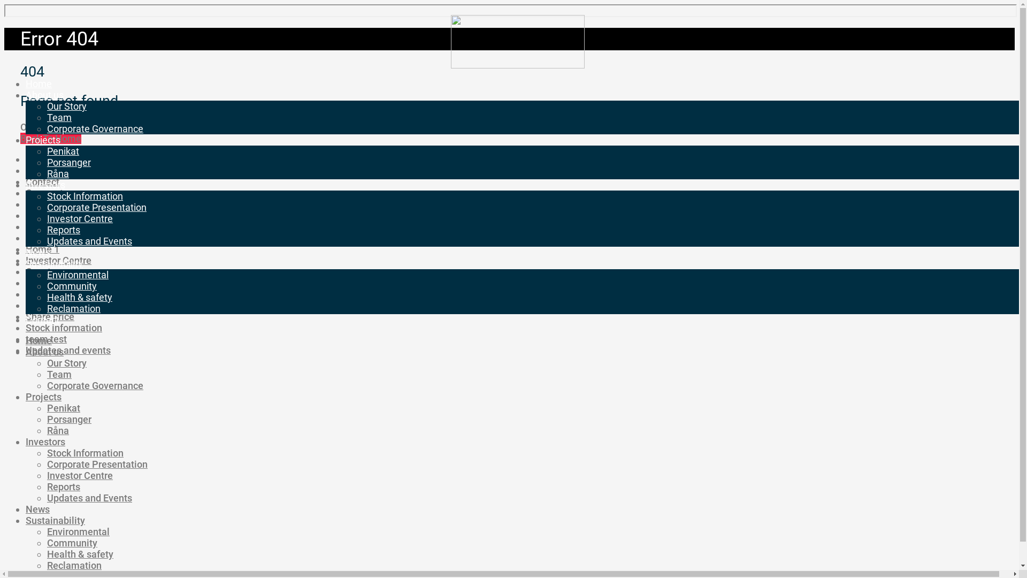 The image size is (1027, 578). What do you see at coordinates (49, 316) in the screenshot?
I see `'Share price'` at bounding box center [49, 316].